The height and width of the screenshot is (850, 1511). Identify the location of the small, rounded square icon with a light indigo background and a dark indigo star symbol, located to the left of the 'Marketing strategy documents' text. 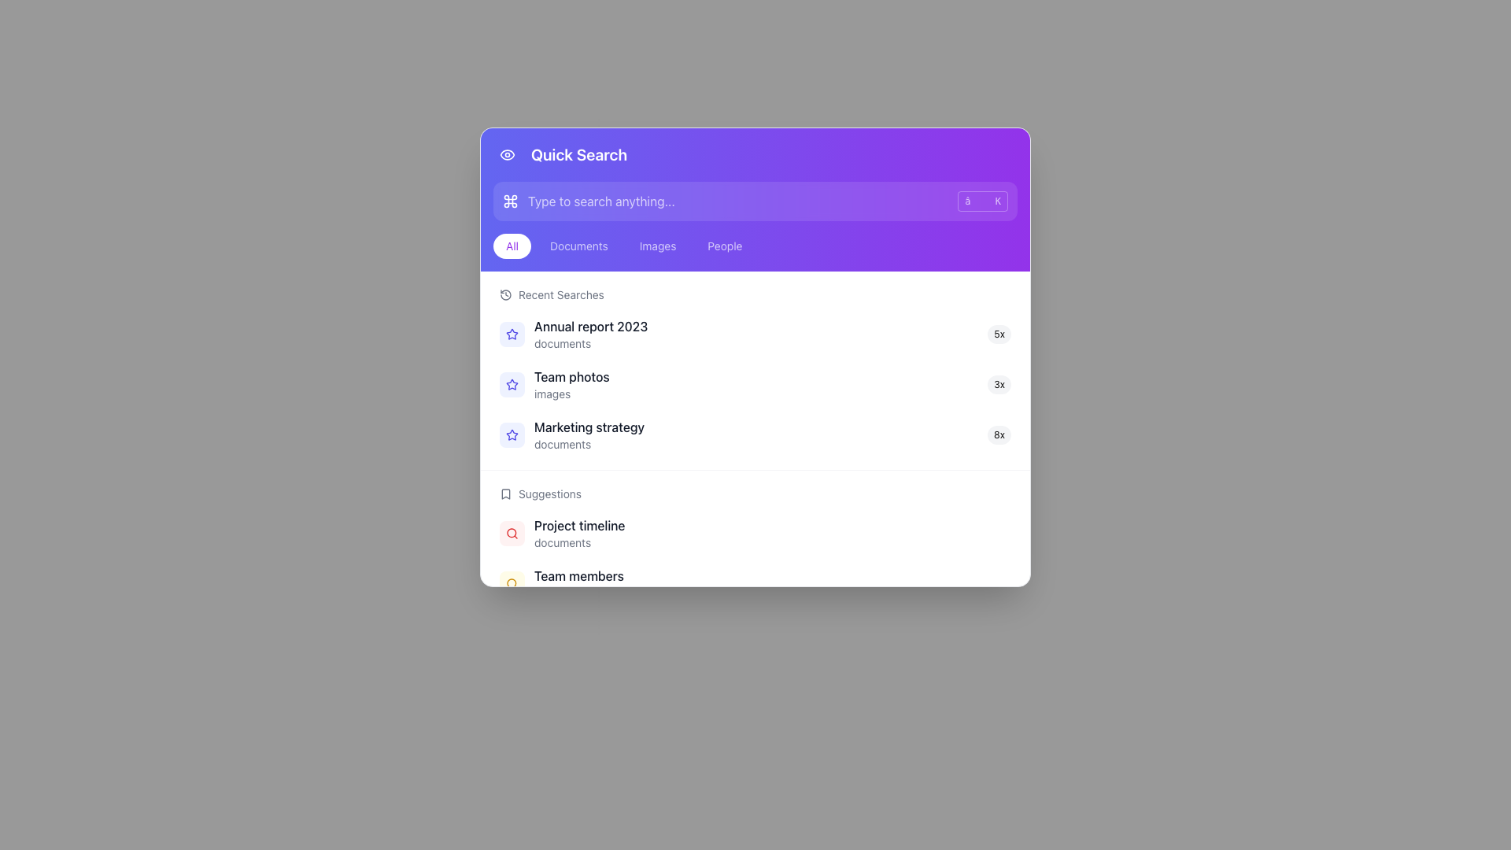
(512, 434).